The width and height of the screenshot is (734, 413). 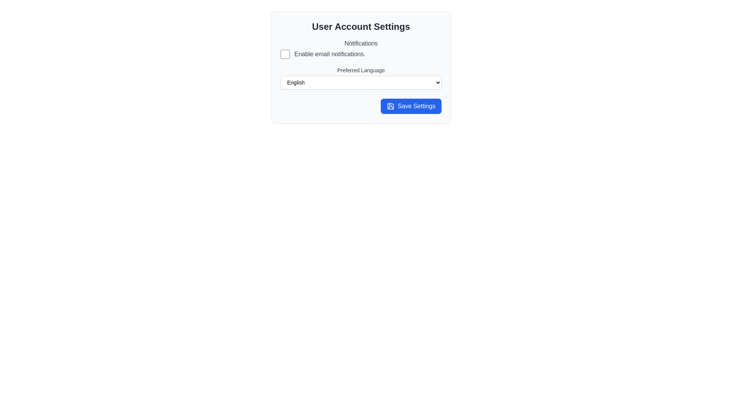 What do you see at coordinates (361, 26) in the screenshot?
I see `the large, bold text heading that reads 'User Account Settings', which is prominently displayed at the top of a rectangular panel with a white background` at bounding box center [361, 26].